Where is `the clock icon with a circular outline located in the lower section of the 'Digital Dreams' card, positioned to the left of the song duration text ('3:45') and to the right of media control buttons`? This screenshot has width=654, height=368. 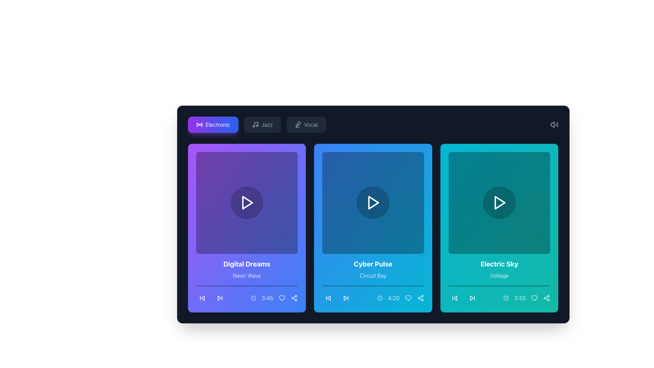 the clock icon with a circular outline located in the lower section of the 'Digital Dreams' card, positioned to the left of the song duration text ('3:45') and to the right of media control buttons is located at coordinates (253, 297).